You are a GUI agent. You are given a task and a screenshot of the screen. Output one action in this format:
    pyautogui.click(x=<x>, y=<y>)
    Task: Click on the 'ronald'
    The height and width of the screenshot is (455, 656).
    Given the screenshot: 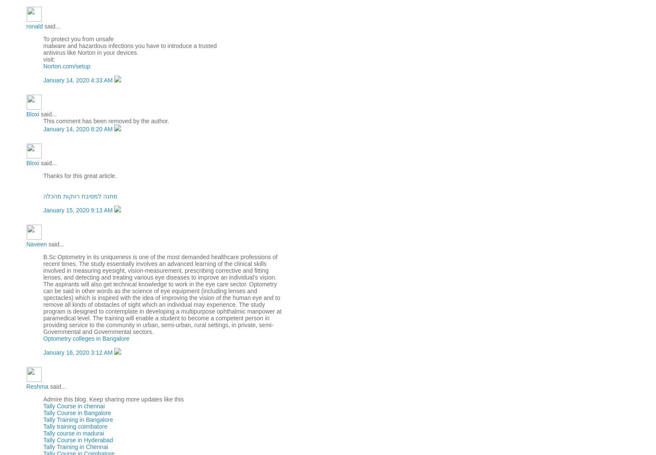 What is the action you would take?
    pyautogui.click(x=34, y=26)
    